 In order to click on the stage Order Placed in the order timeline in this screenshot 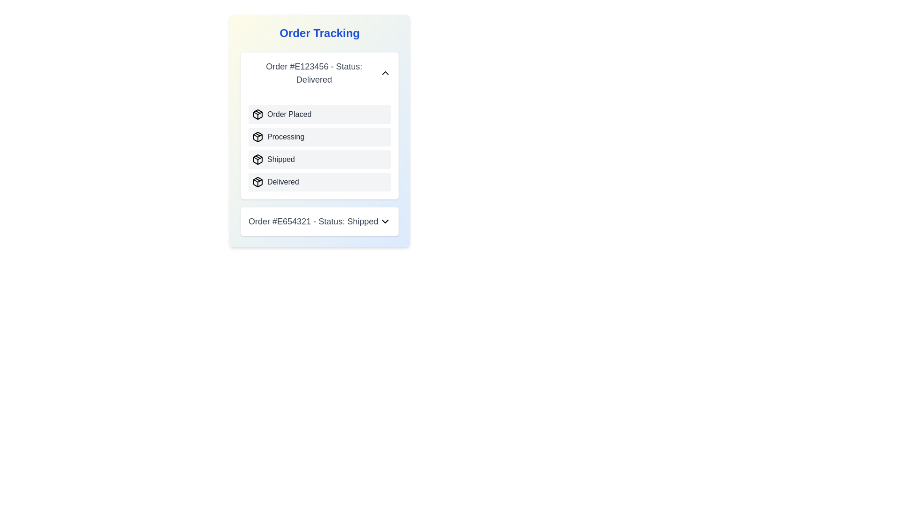, I will do `click(257, 114)`.